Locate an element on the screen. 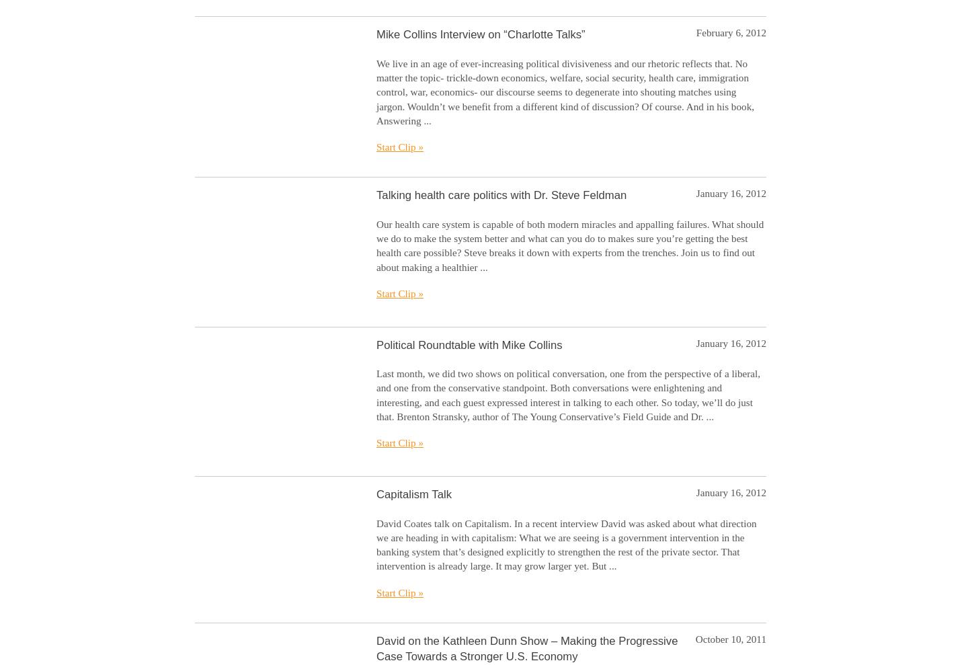 The image size is (968, 665). 'Mike Collins Interview on “Charlotte Talks”' is located at coordinates (480, 34).